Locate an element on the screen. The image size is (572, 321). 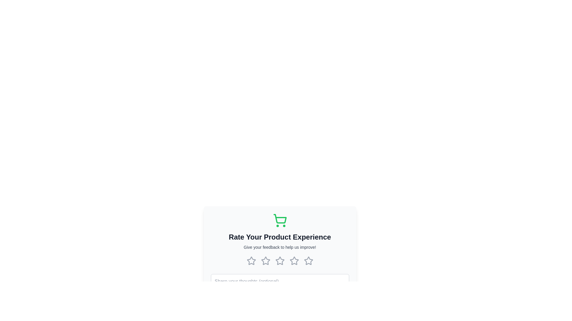
the third star icon in the rating input component is located at coordinates (279, 261).